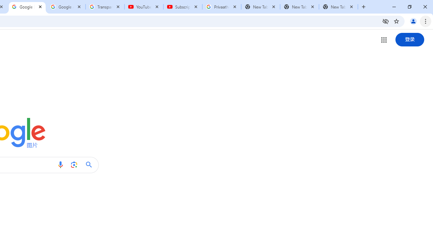  What do you see at coordinates (143, 7) in the screenshot?
I see `'YouTube'` at bounding box center [143, 7].